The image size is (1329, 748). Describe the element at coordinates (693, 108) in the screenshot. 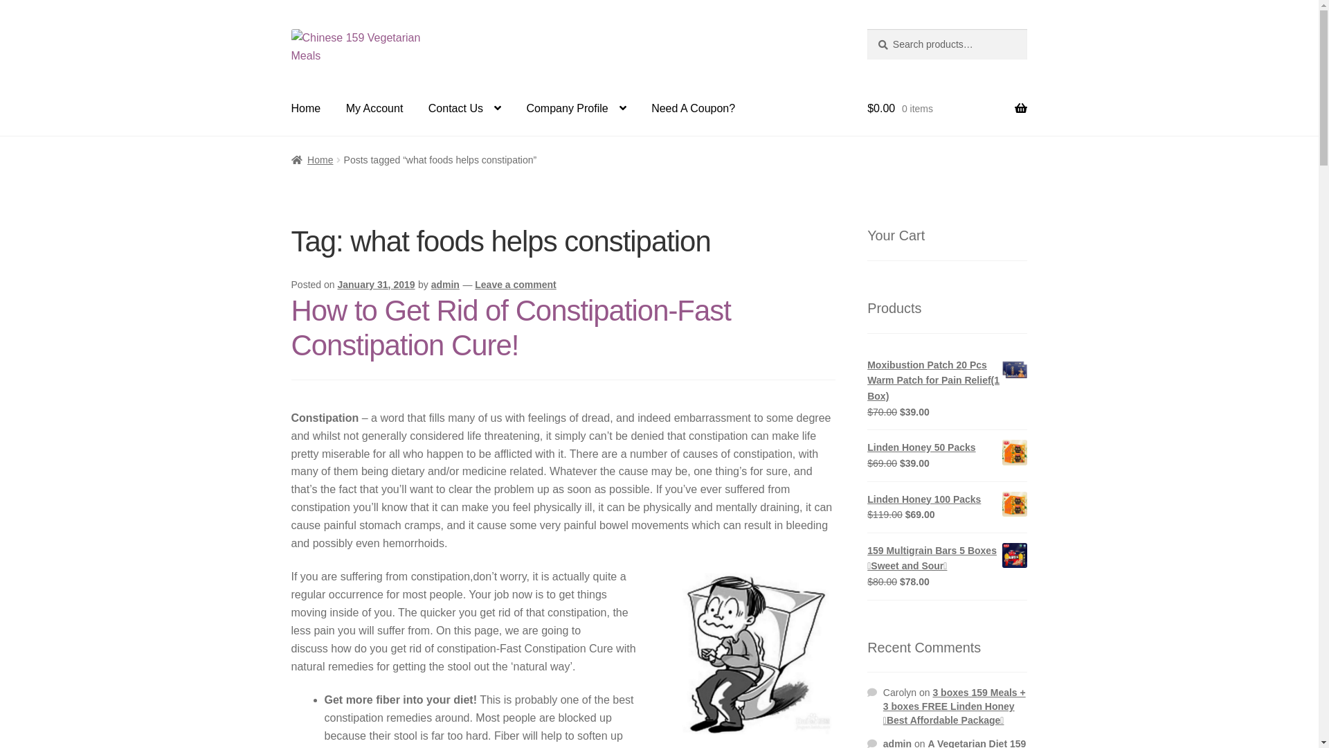

I see `'Need A Coupon?'` at that location.